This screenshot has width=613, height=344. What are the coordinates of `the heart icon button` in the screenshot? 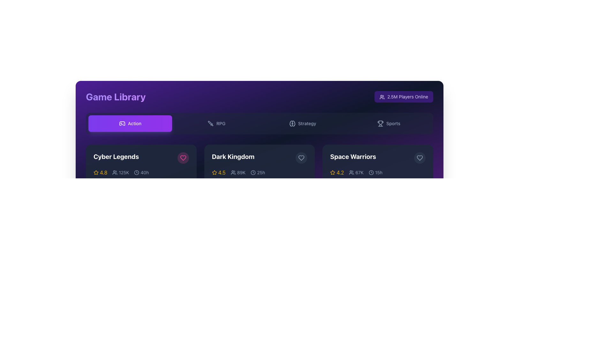 It's located at (301, 158).